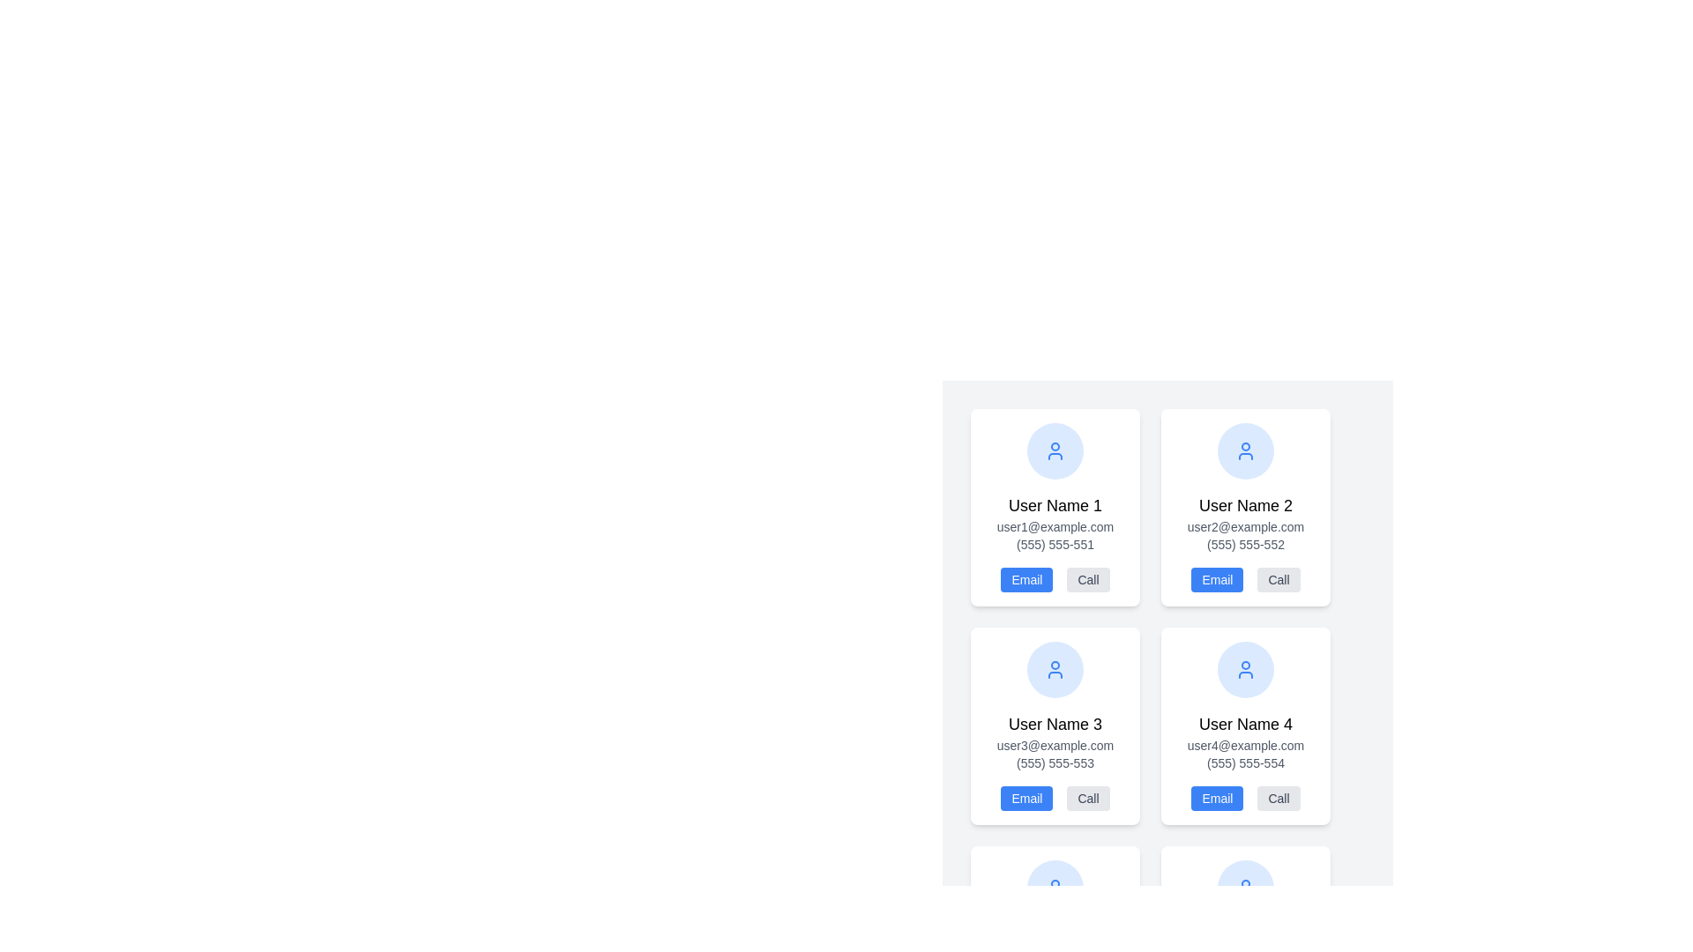  I want to click on the 'Email' button, which is a rectangular button with white text on a blue background, located as the first button in a two-button group adjacent to the 'Call' button, associated with 'User Name 4', so click(1216, 799).